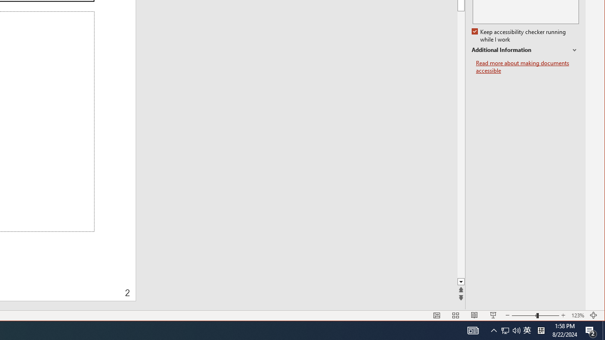 This screenshot has width=605, height=340. I want to click on 'Tray Input Indicator - Chinese (Simplified, China)', so click(541, 330).